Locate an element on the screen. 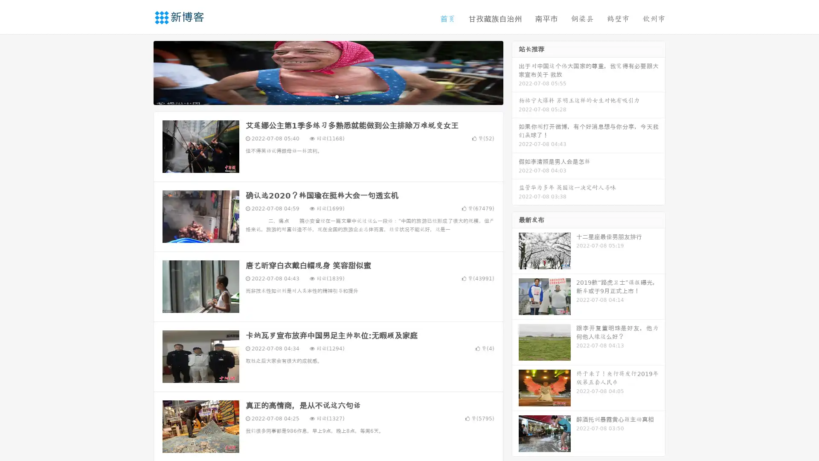 The width and height of the screenshot is (819, 461). Next slide is located at coordinates (515, 72).